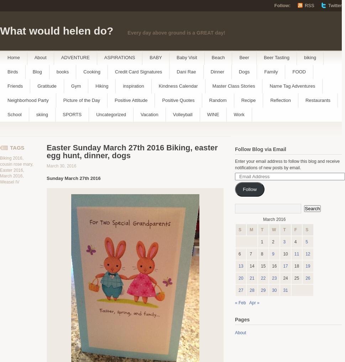 This screenshot has width=345, height=362. Describe the element at coordinates (285, 290) in the screenshot. I see `'31'` at that location.